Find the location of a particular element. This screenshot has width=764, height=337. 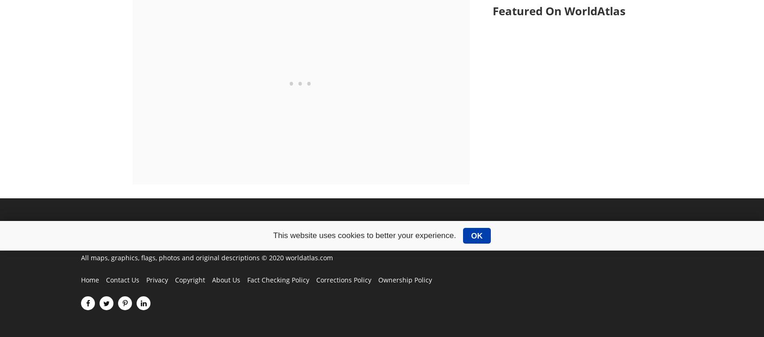

'Privacy' is located at coordinates (146, 279).